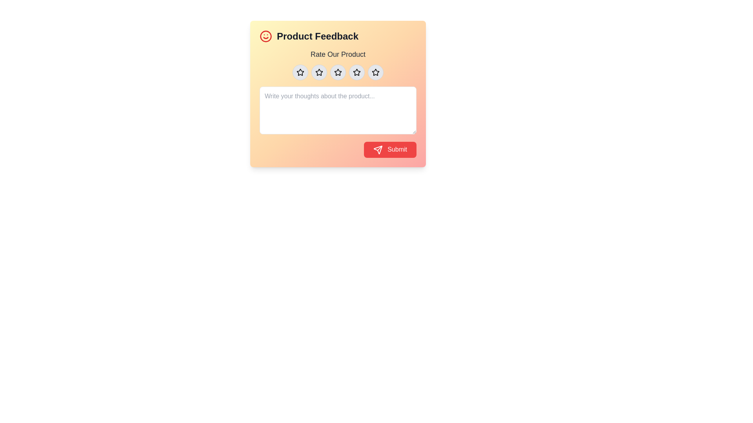 The height and width of the screenshot is (423, 753). I want to click on the first star icon in the 'Rate Our Product' section to indicate a rating, so click(300, 72).